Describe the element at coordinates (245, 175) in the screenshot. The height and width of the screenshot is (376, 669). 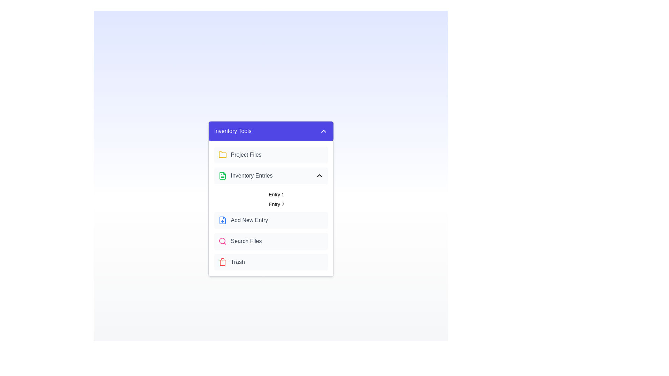
I see `the 'Inventory Entries' menu item, which is the second item in the 'Inventory Tools' navigation menu, styled in gray font and aligned to the right of a green file document icon` at that location.